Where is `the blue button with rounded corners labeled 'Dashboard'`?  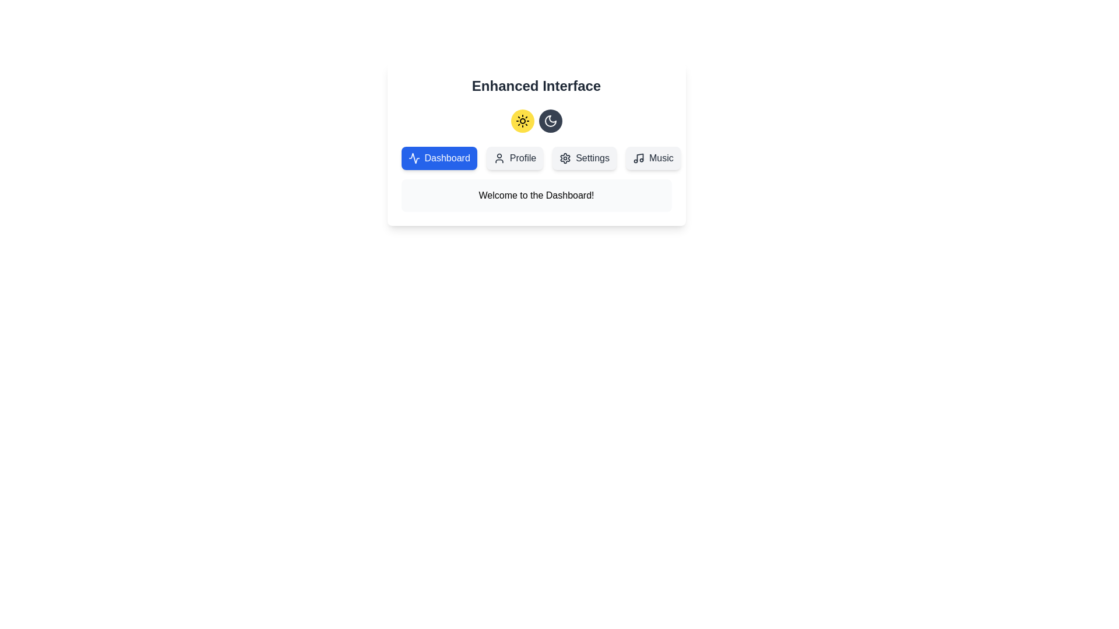
the blue button with rounded corners labeled 'Dashboard' is located at coordinates (438, 158).